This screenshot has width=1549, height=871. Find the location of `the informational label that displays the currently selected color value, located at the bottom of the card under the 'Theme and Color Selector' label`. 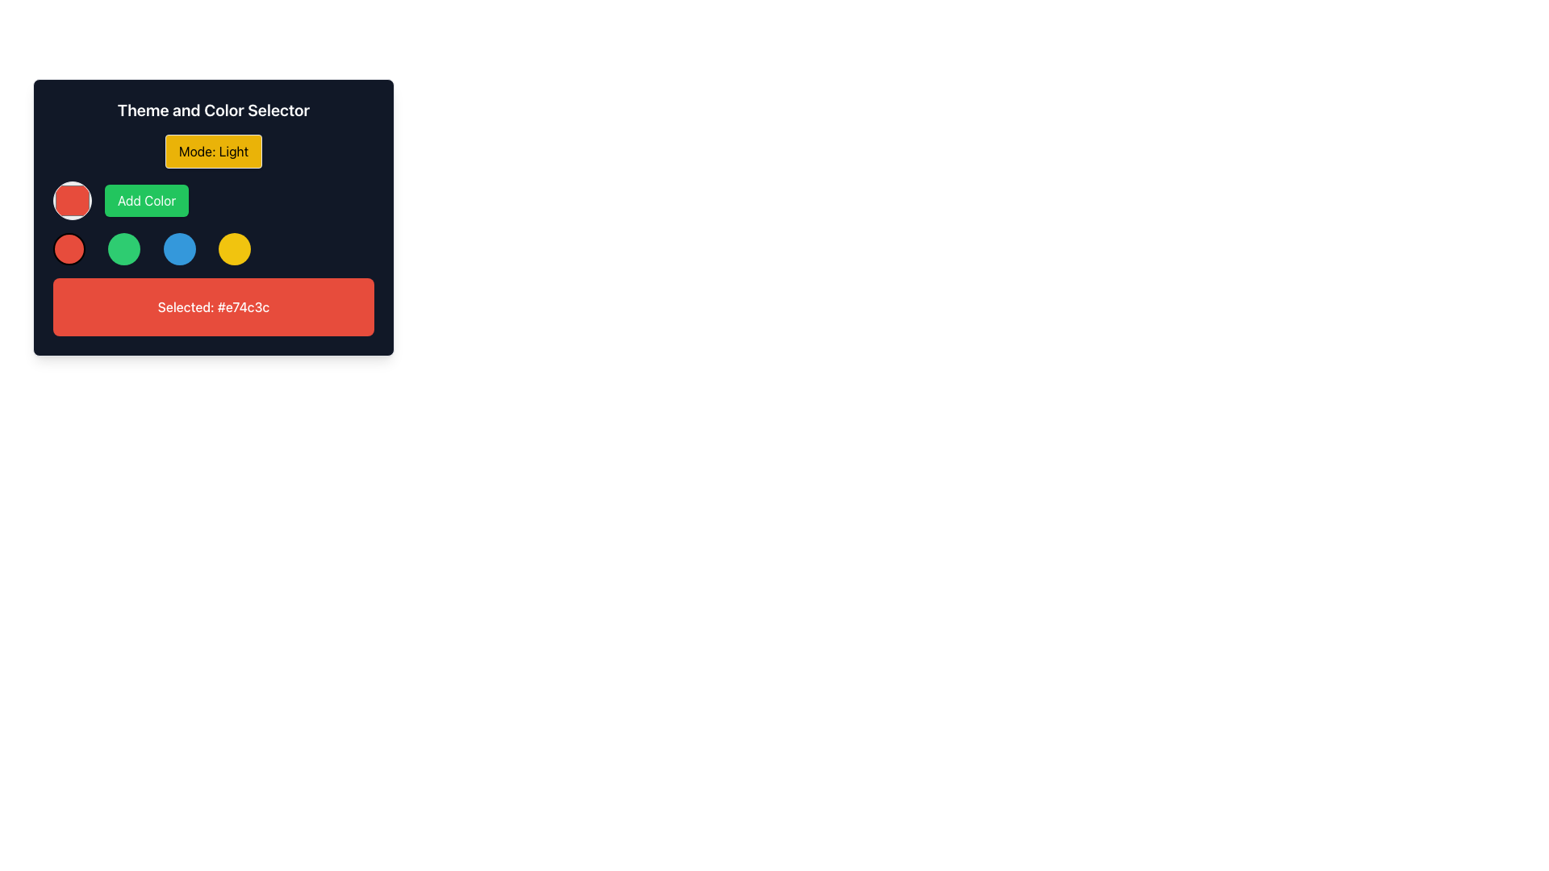

the informational label that displays the currently selected color value, located at the bottom of the card under the 'Theme and Color Selector' label is located at coordinates (212, 307).